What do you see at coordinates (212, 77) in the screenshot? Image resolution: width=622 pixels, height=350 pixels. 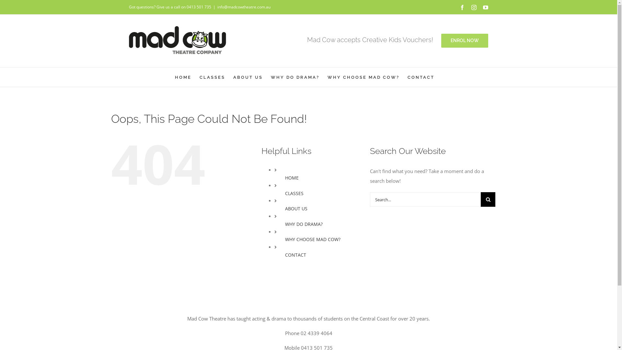 I see `'CLASSES'` at bounding box center [212, 77].